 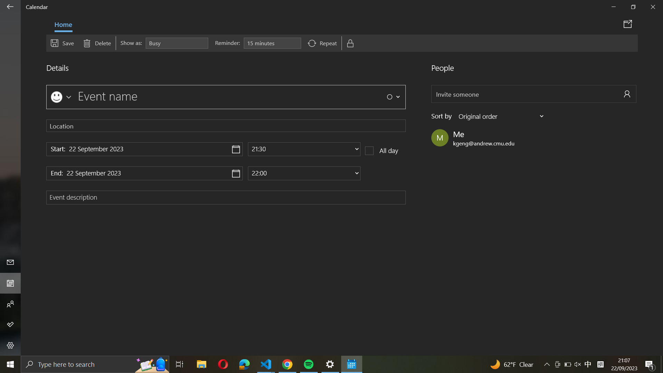 What do you see at coordinates (144, 149) in the screenshot?
I see `a click on the start date button` at bounding box center [144, 149].